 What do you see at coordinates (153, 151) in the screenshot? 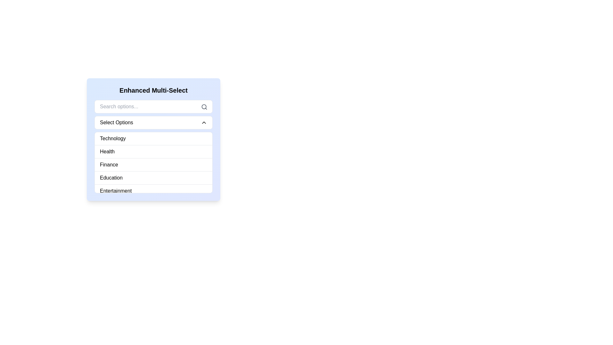
I see `the 'Health' option in the dropdown menu` at bounding box center [153, 151].